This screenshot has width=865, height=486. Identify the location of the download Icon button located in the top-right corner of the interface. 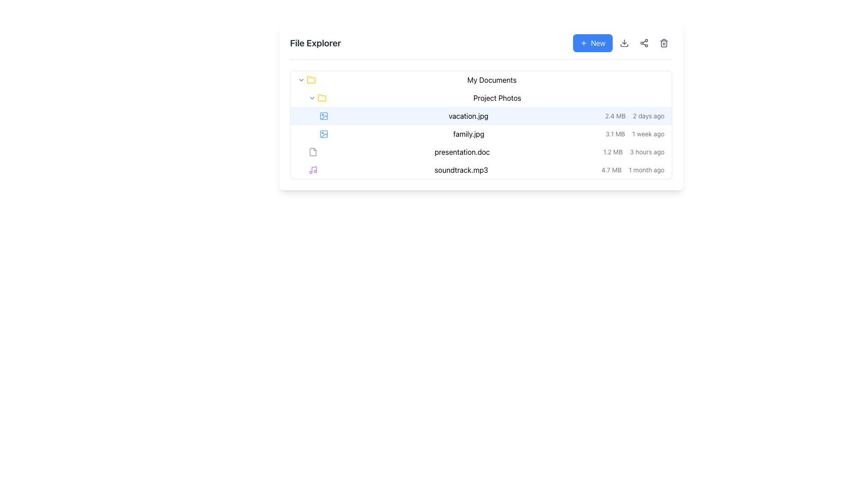
(624, 43).